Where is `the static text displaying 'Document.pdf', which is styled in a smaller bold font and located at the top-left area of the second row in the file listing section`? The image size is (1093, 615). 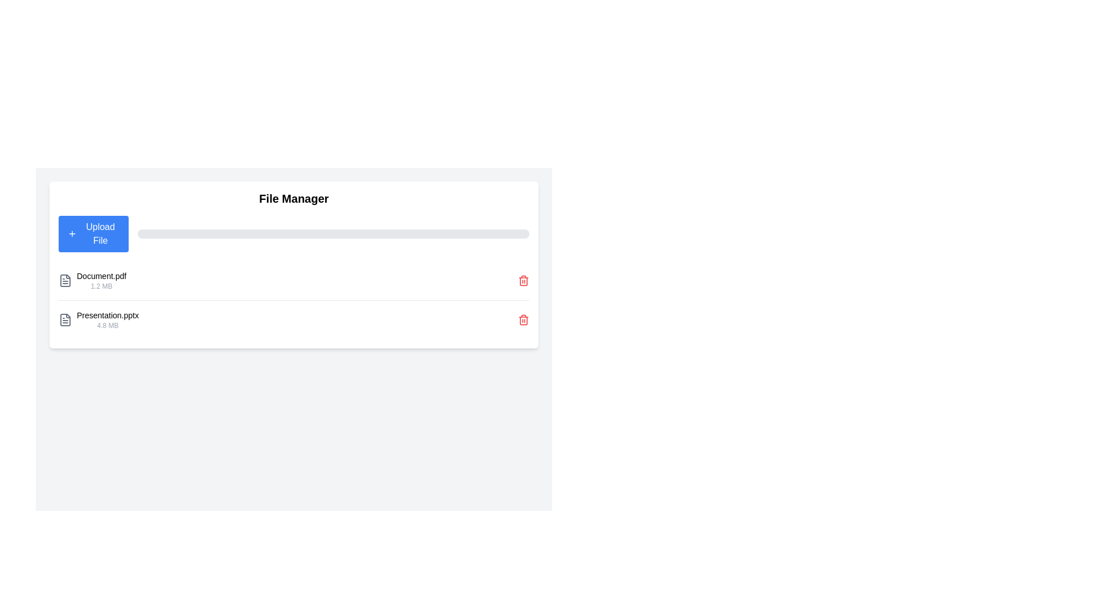 the static text displaying 'Document.pdf', which is styled in a smaller bold font and located at the top-left area of the second row in the file listing section is located at coordinates (101, 276).